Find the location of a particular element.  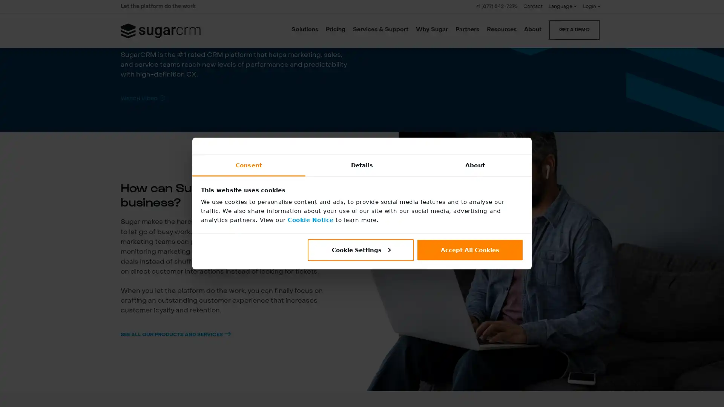

Cookie Settings is located at coordinates (360, 250).